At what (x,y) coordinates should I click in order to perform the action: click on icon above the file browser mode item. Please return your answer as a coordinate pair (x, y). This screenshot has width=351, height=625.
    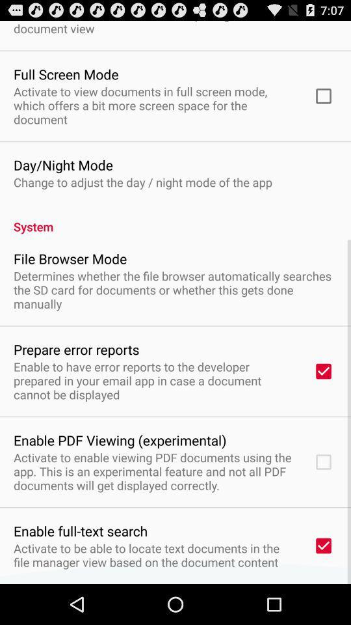
    Looking at the image, I should click on (175, 219).